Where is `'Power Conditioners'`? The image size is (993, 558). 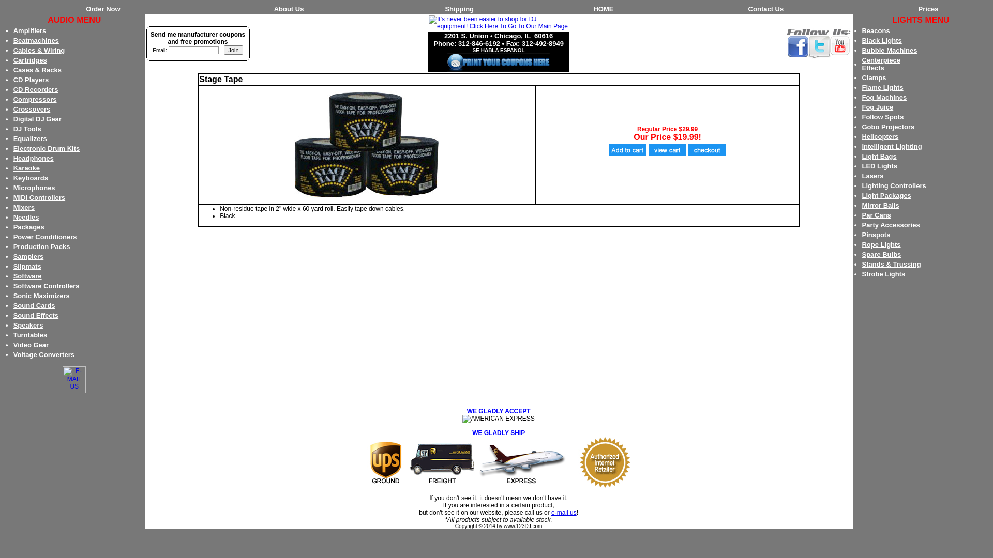
'Power Conditioners' is located at coordinates (13, 237).